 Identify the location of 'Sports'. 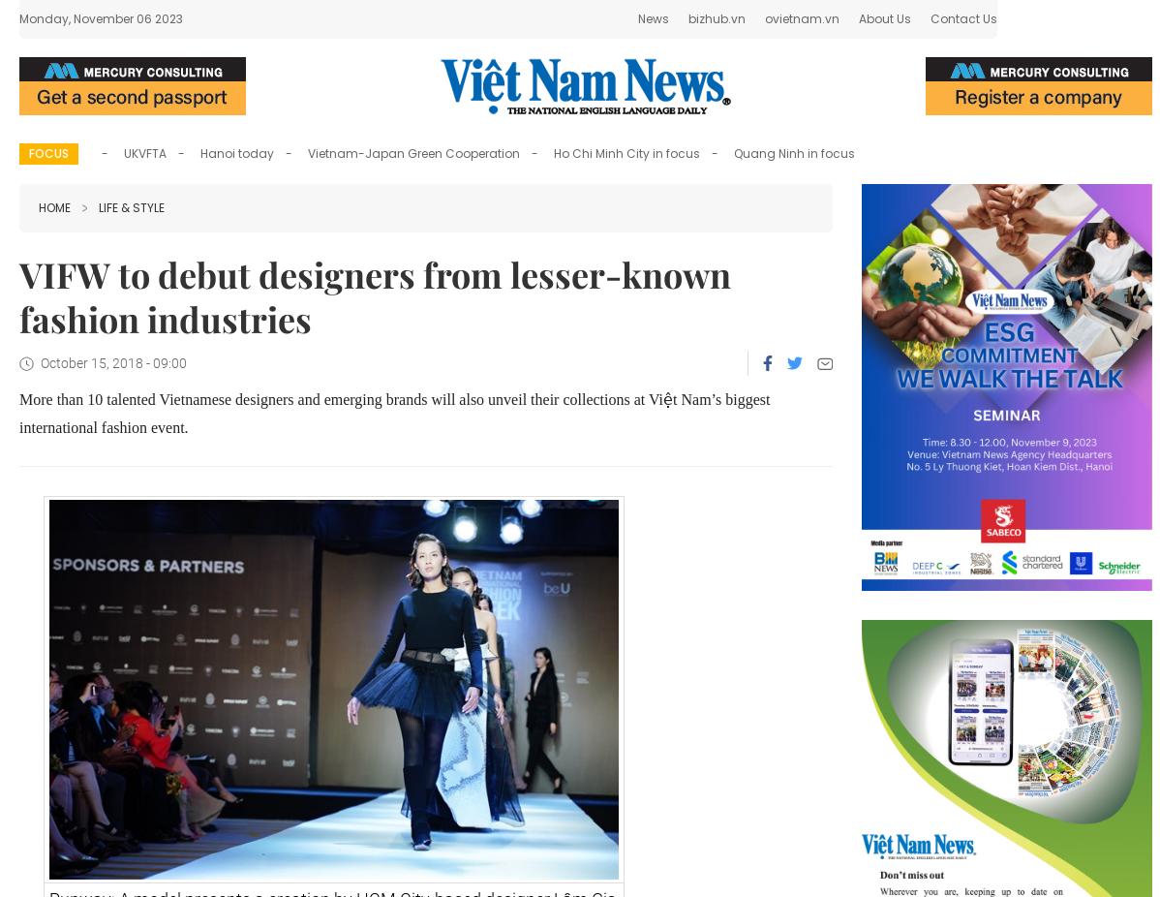
(548, 23).